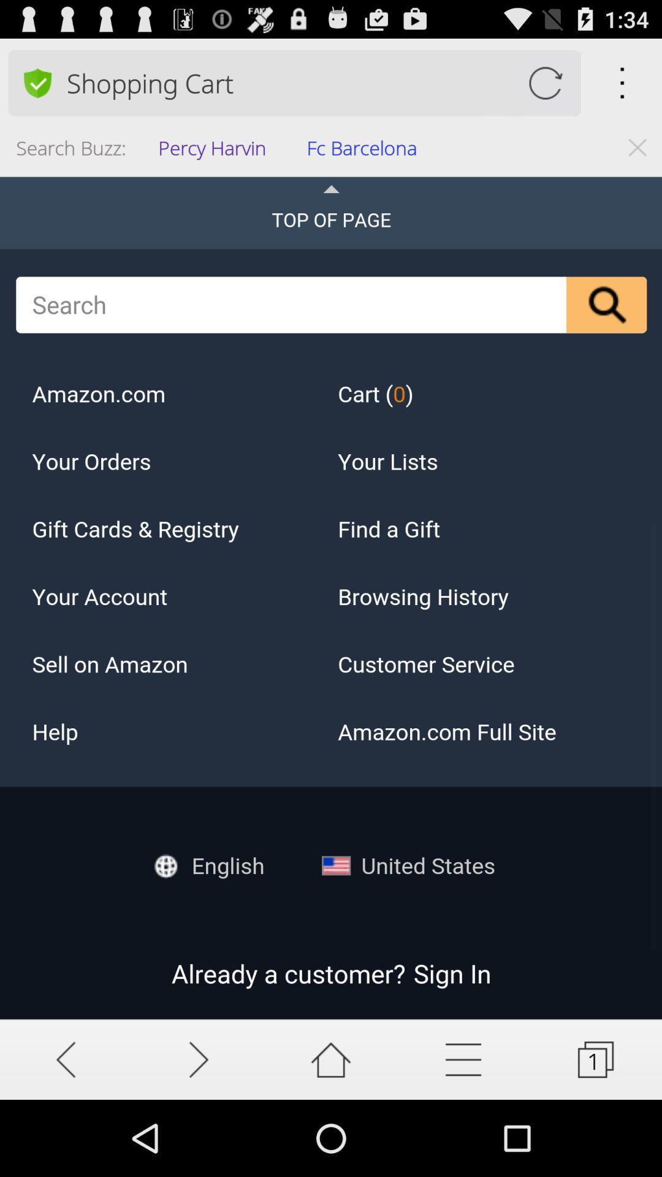 The width and height of the screenshot is (662, 1177). What do you see at coordinates (331, 1059) in the screenshot?
I see `the item at the bottom` at bounding box center [331, 1059].